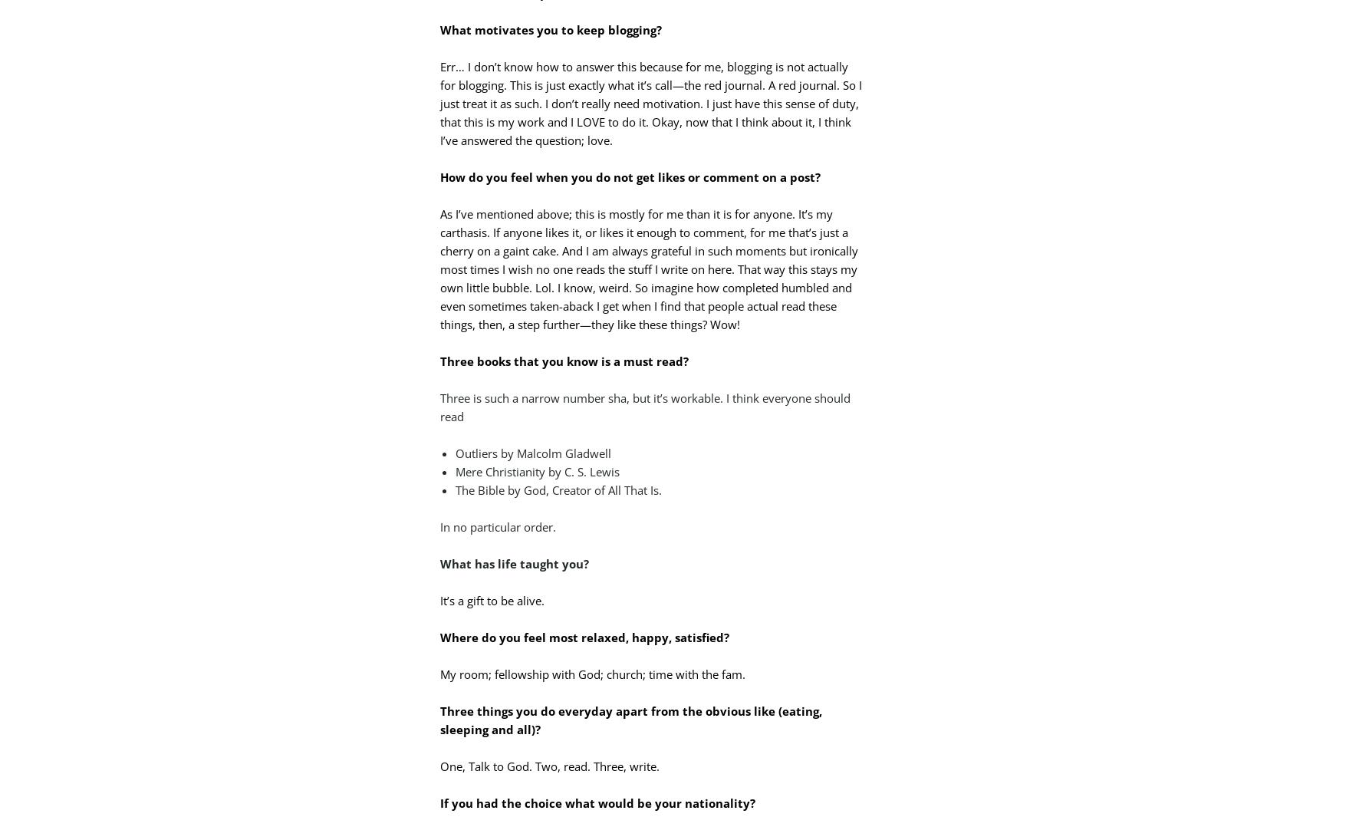 The width and height of the screenshot is (1359, 817). I want to click on 'What has life taught you?', so click(514, 562).